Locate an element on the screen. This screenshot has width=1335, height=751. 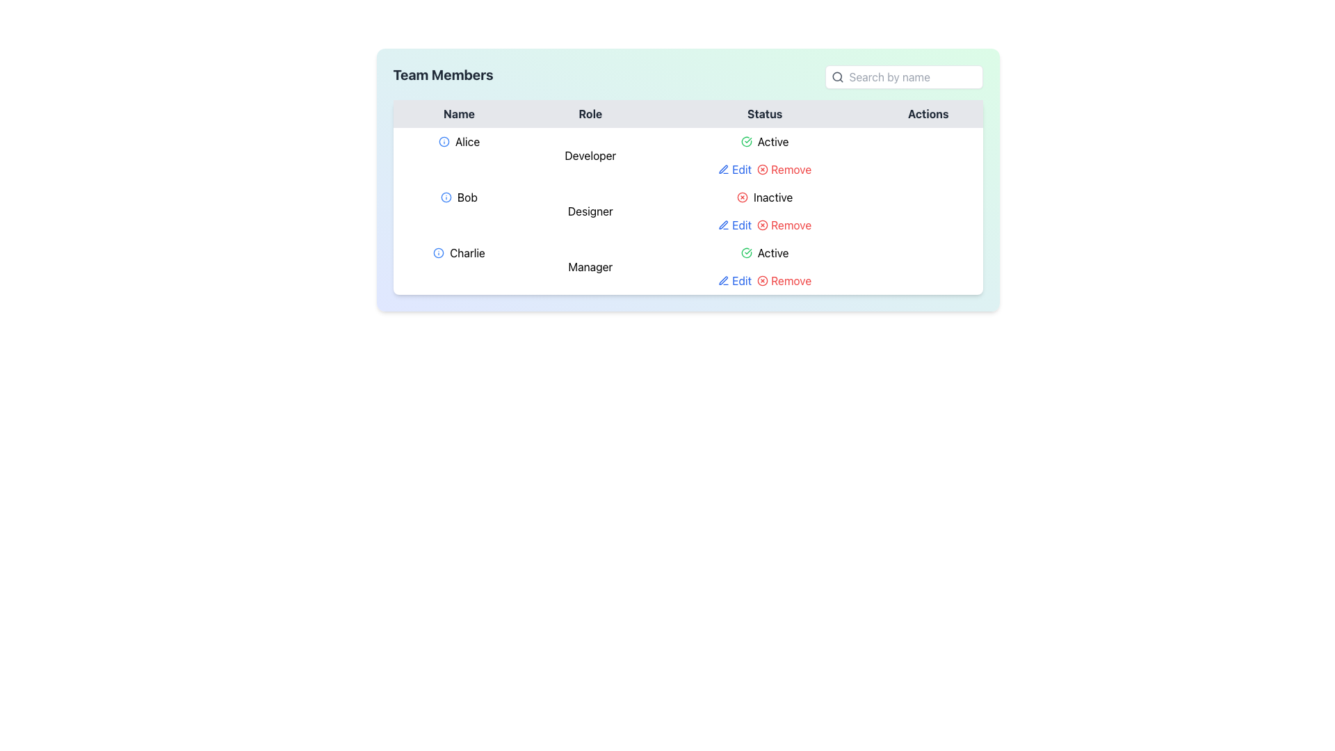
the Remove button, which is a circular button with a red border and an X-shaped crossing line, located in the Actions column aligned with the 'Bob - Designer - Inactive' row in the Team Members interface is located at coordinates (762, 281).